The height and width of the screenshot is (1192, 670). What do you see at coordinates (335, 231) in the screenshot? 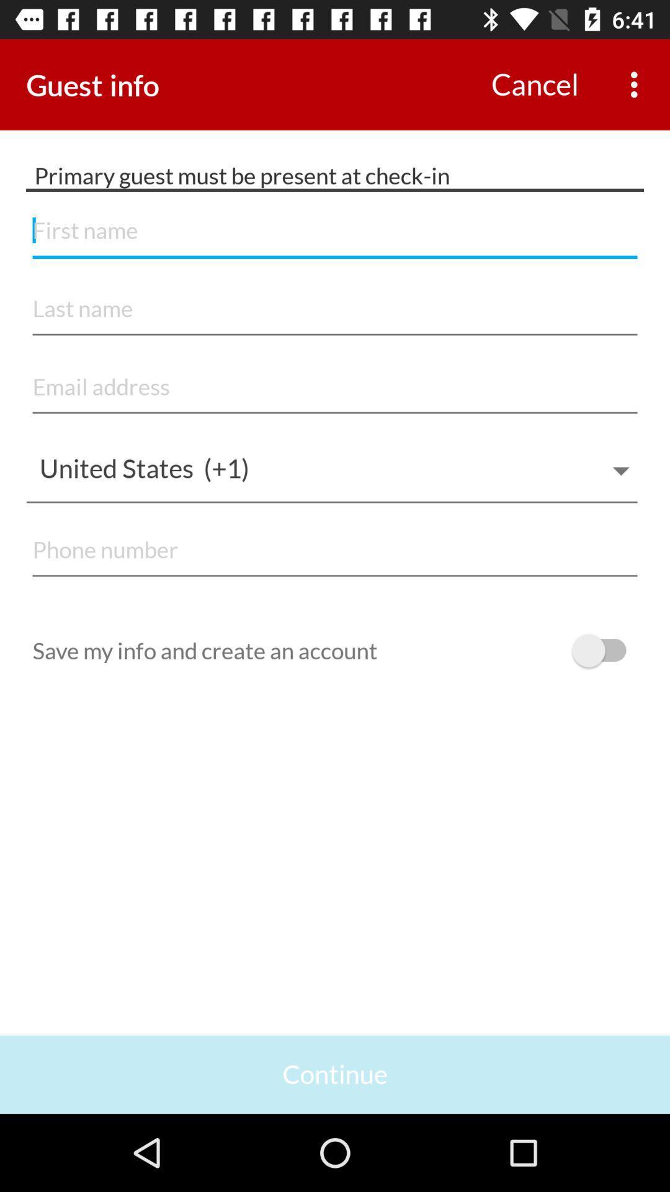
I see `name` at bounding box center [335, 231].